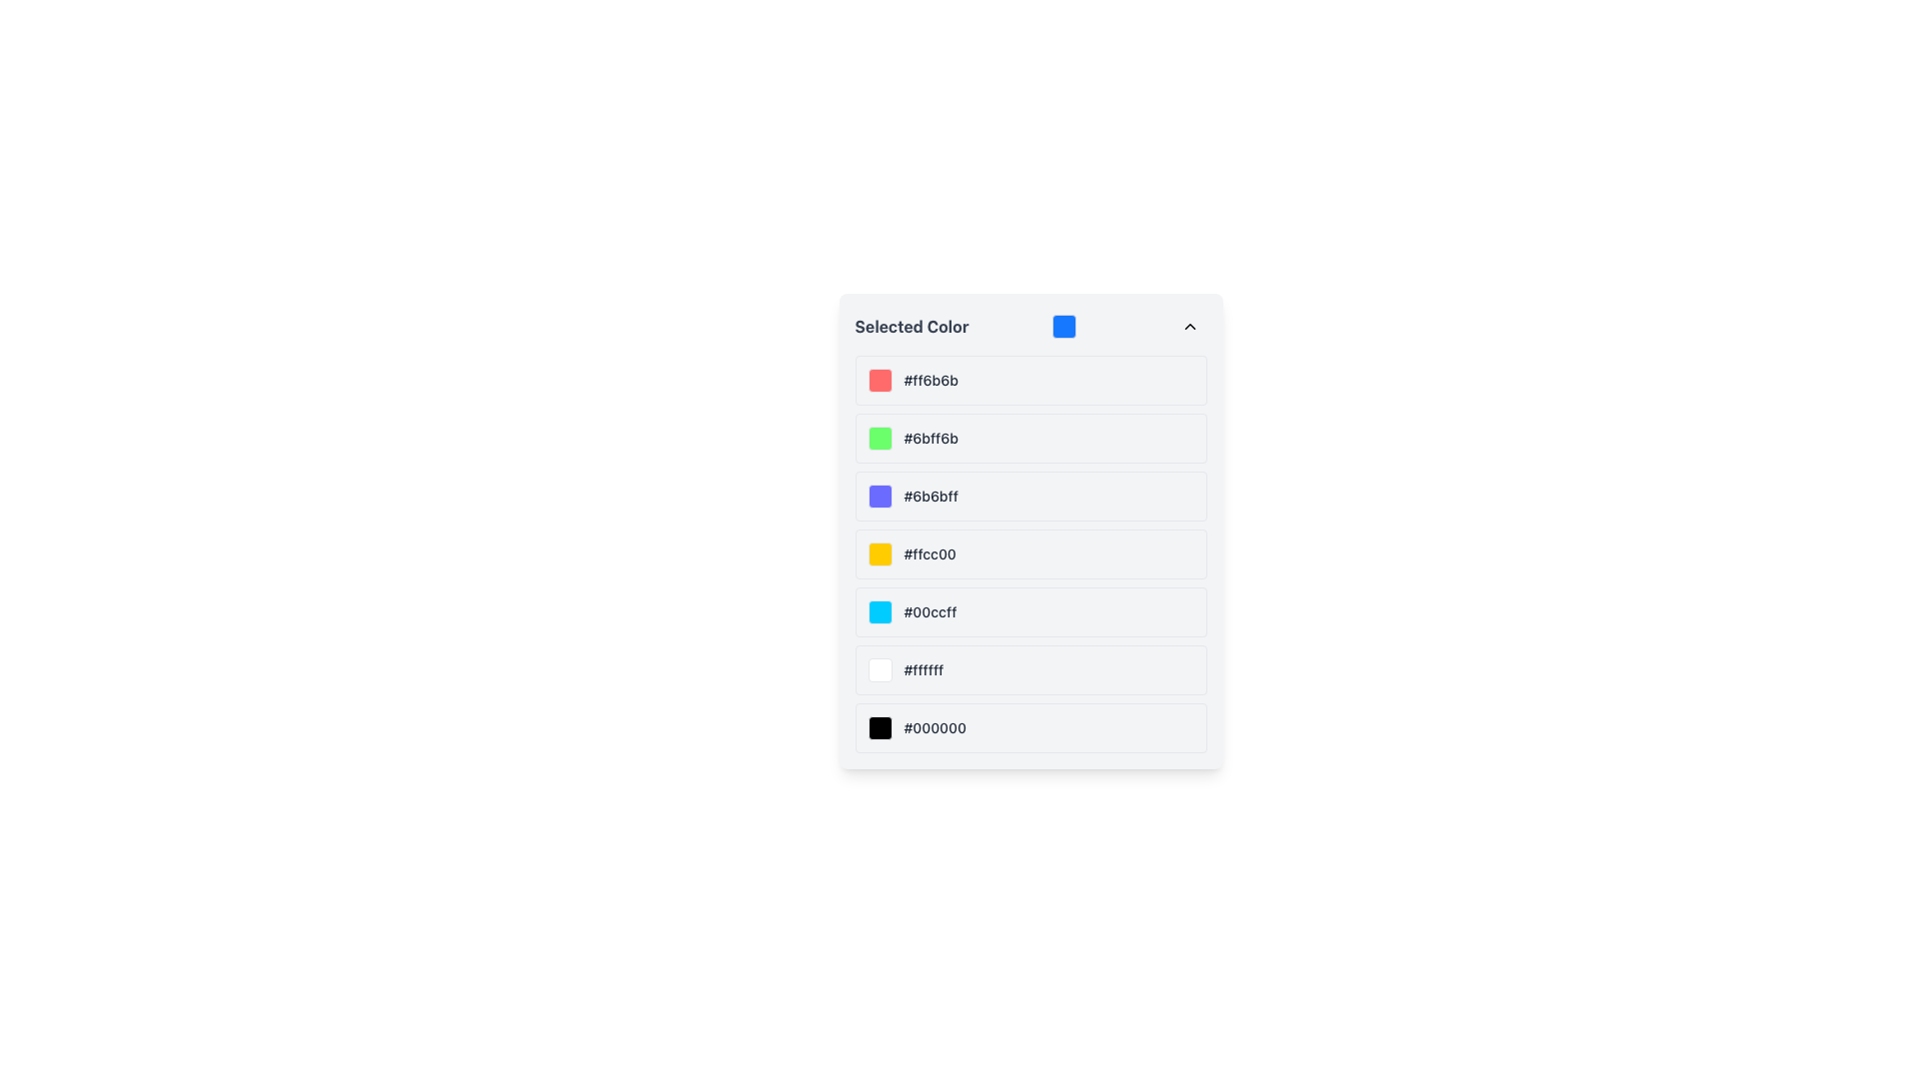  Describe the element at coordinates (880, 611) in the screenshot. I see `the Color Swatch that visually represents the color corresponding to the hexadecimal code '#00ccff', located` at that location.